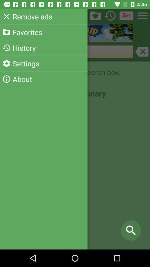 The height and width of the screenshot is (267, 150). I want to click on the close icon, so click(142, 51).